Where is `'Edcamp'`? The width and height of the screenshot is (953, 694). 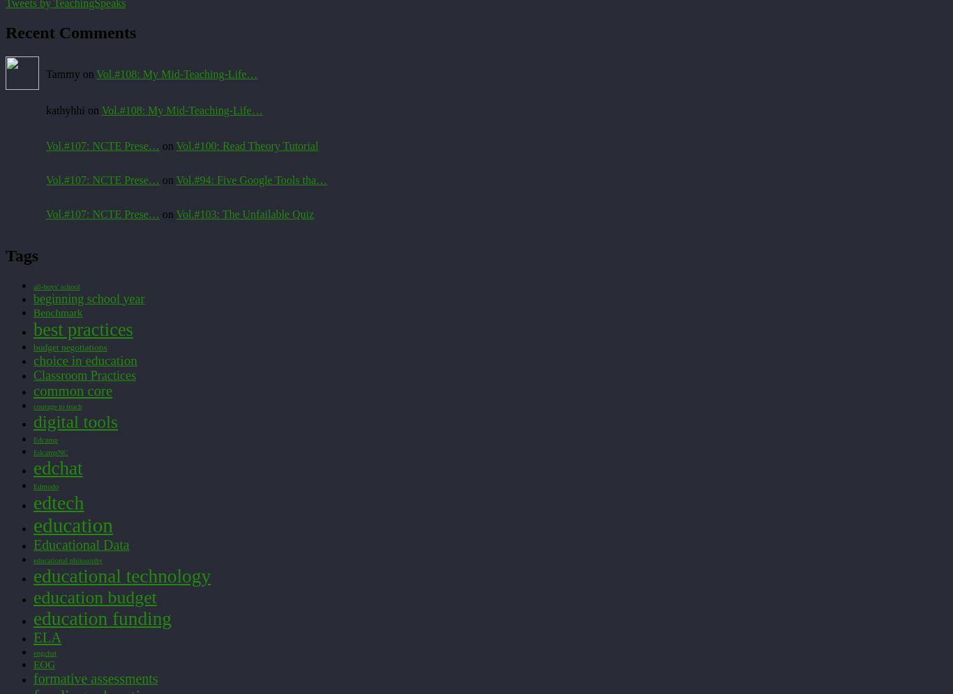
'Edcamp' is located at coordinates (45, 438).